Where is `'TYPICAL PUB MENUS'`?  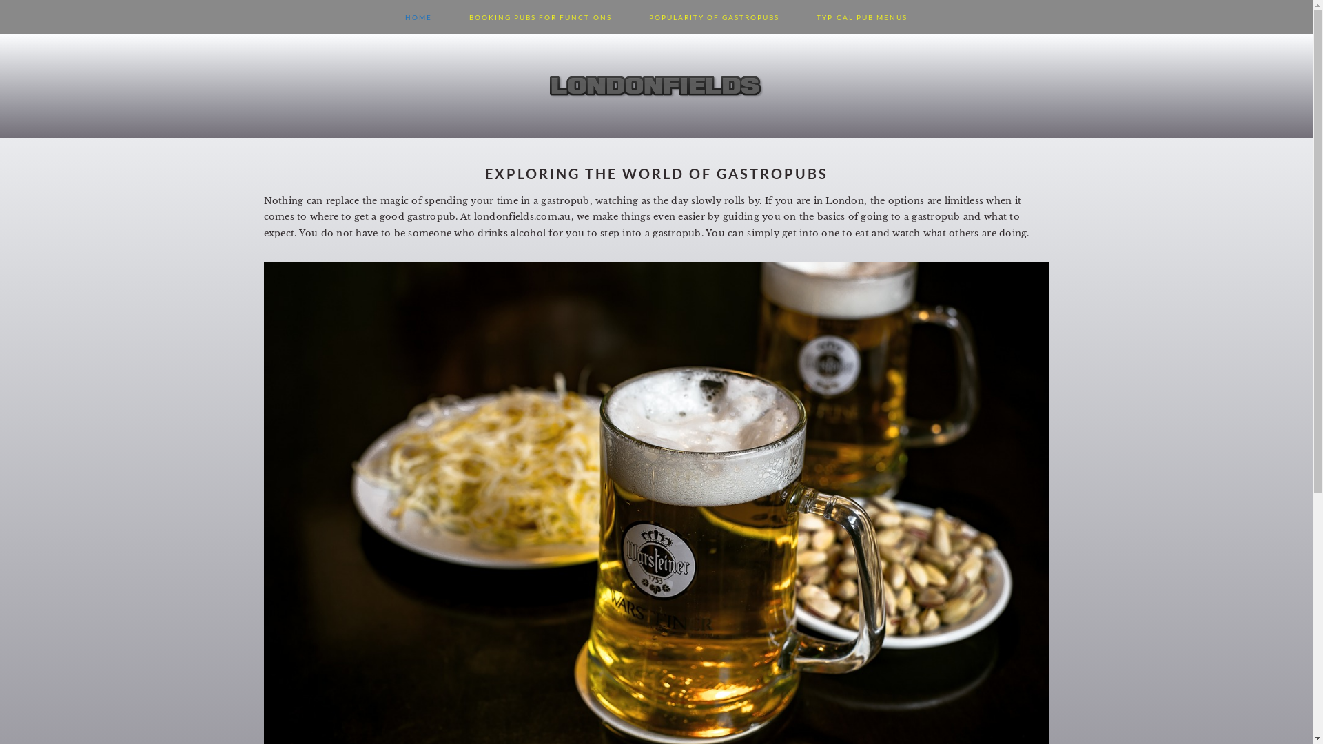
'TYPICAL PUB MENUS' is located at coordinates (861, 17).